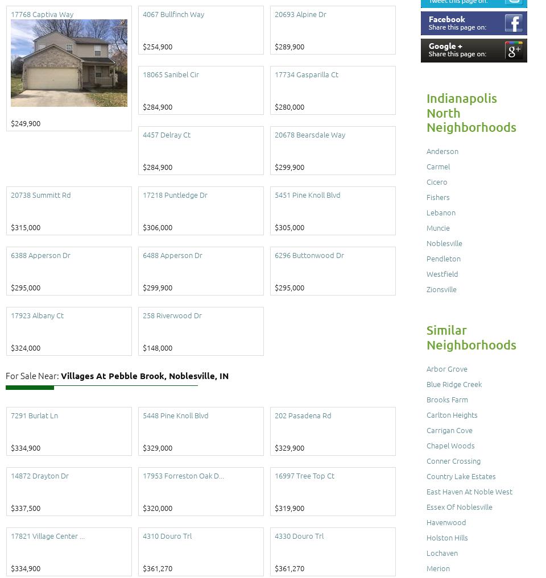 The image size is (546, 578). Describe the element at coordinates (443, 257) in the screenshot. I see `'Pendleton'` at that location.